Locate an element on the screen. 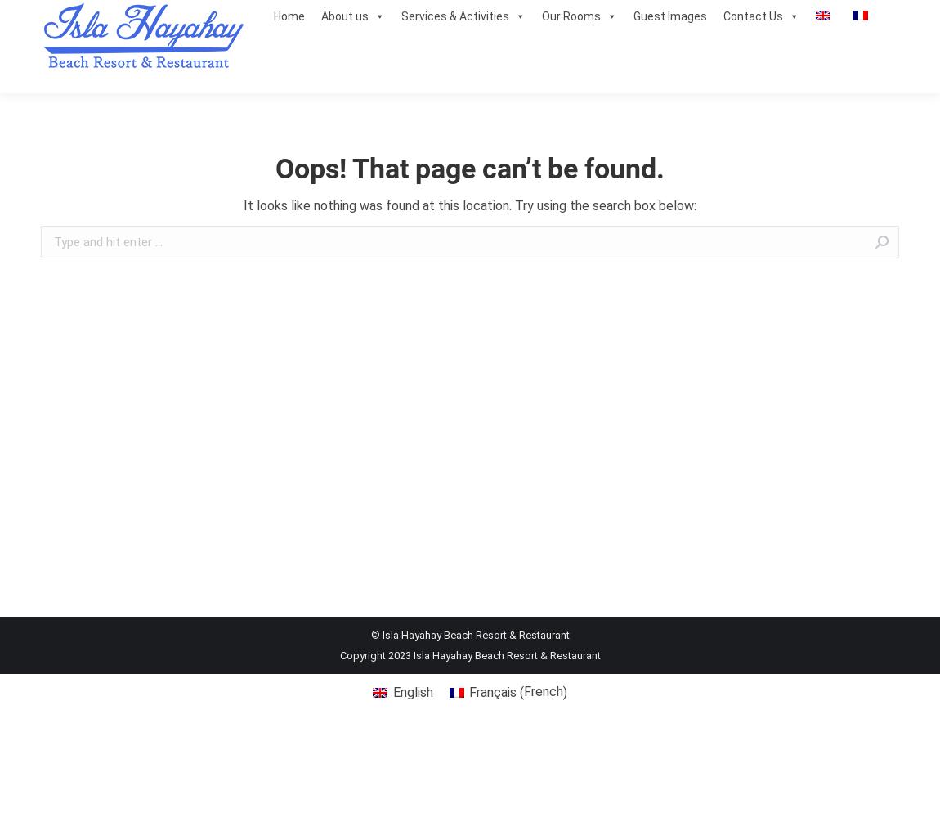 Image resolution: width=940 pixels, height=818 pixels. 'It looks like nothing was found at this location. Try using the search box below:' is located at coordinates (470, 205).